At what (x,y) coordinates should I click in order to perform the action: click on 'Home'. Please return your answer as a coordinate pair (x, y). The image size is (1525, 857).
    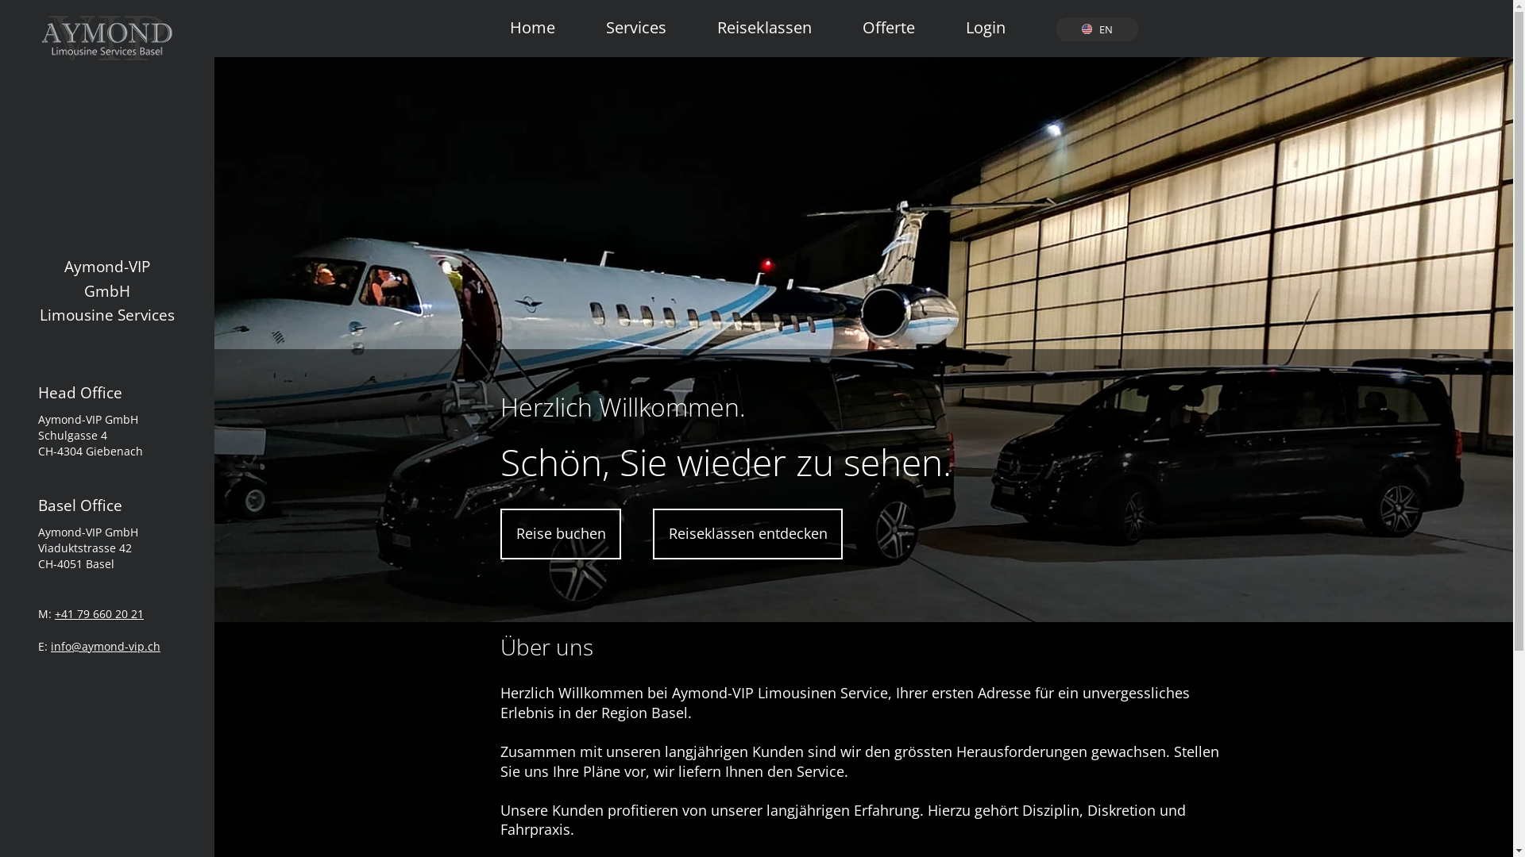
    Looking at the image, I should click on (532, 19).